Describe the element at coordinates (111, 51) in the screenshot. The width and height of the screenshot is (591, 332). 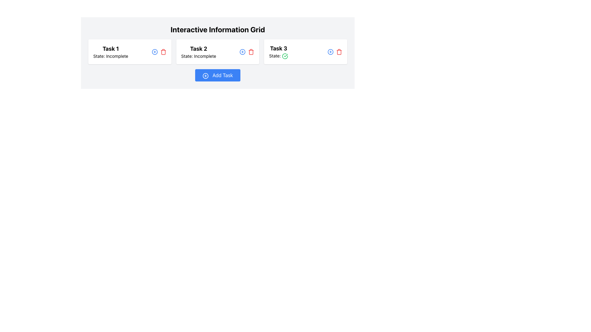
I see `the Text Display element that shows 'Task 1' with status 'Incomplete', located in the top left corner of the task cards grid` at that location.